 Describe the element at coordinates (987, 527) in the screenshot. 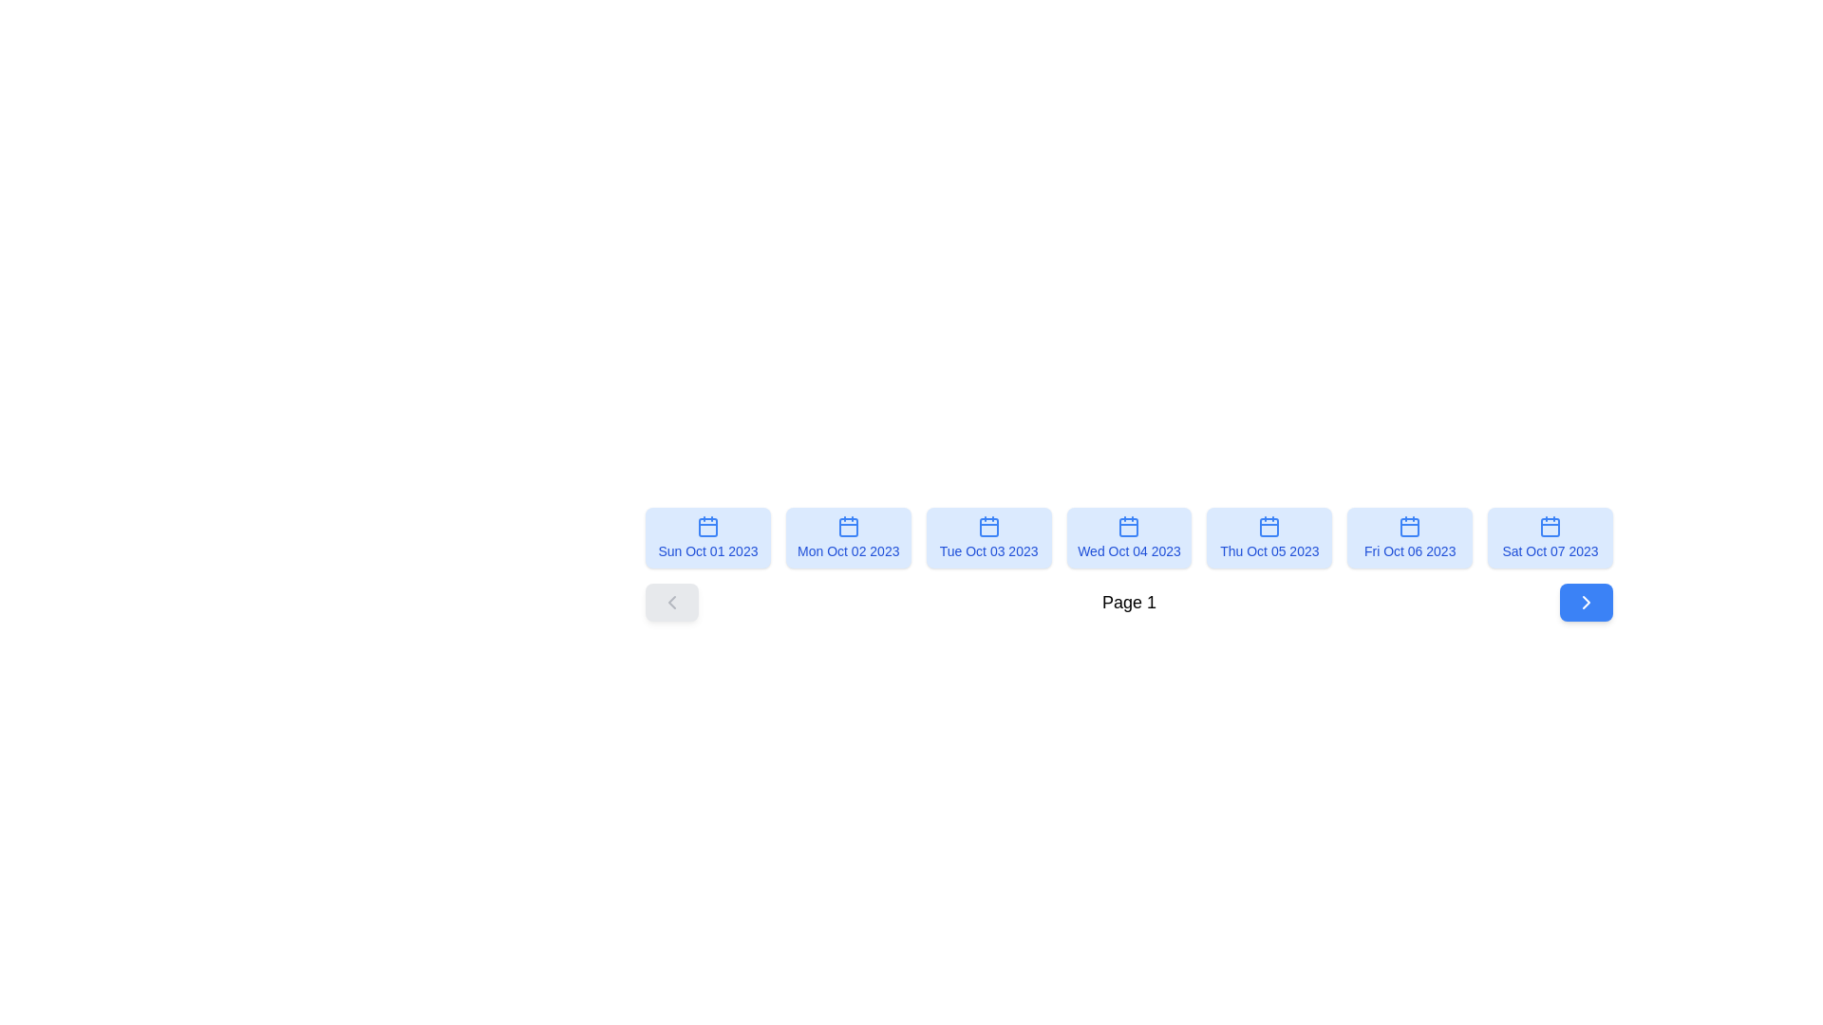

I see `the small rectangular shape with rounded edges that forms the backdrop of the date section in the blue calendar icon for 'Tue Oct 03 2023'` at that location.